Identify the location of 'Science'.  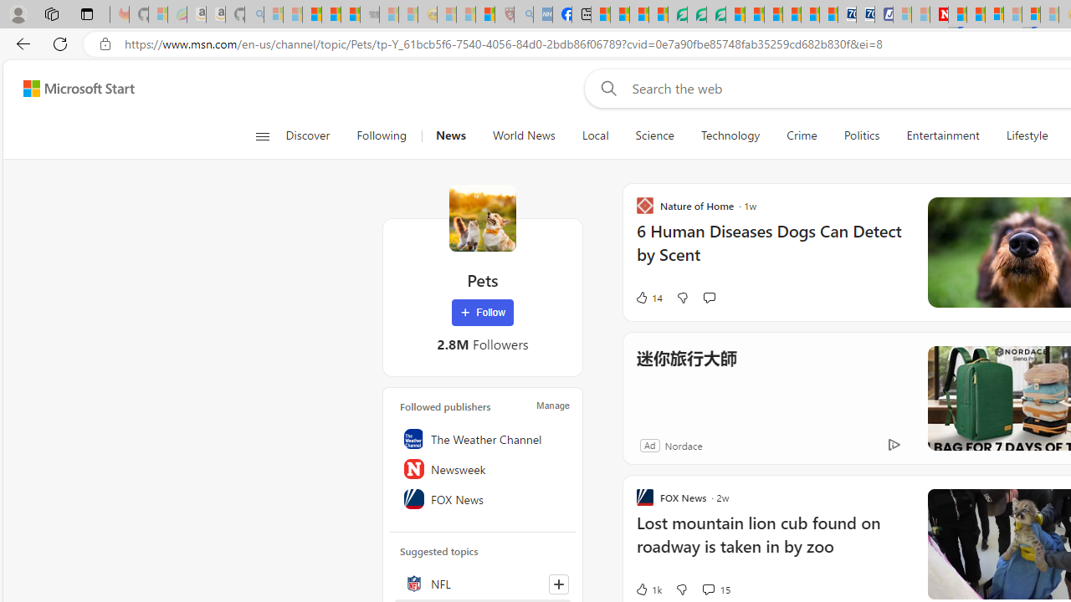
(653, 135).